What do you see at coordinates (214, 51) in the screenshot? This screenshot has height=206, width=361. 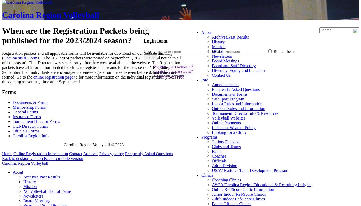 I see `'Password'` at bounding box center [214, 51].